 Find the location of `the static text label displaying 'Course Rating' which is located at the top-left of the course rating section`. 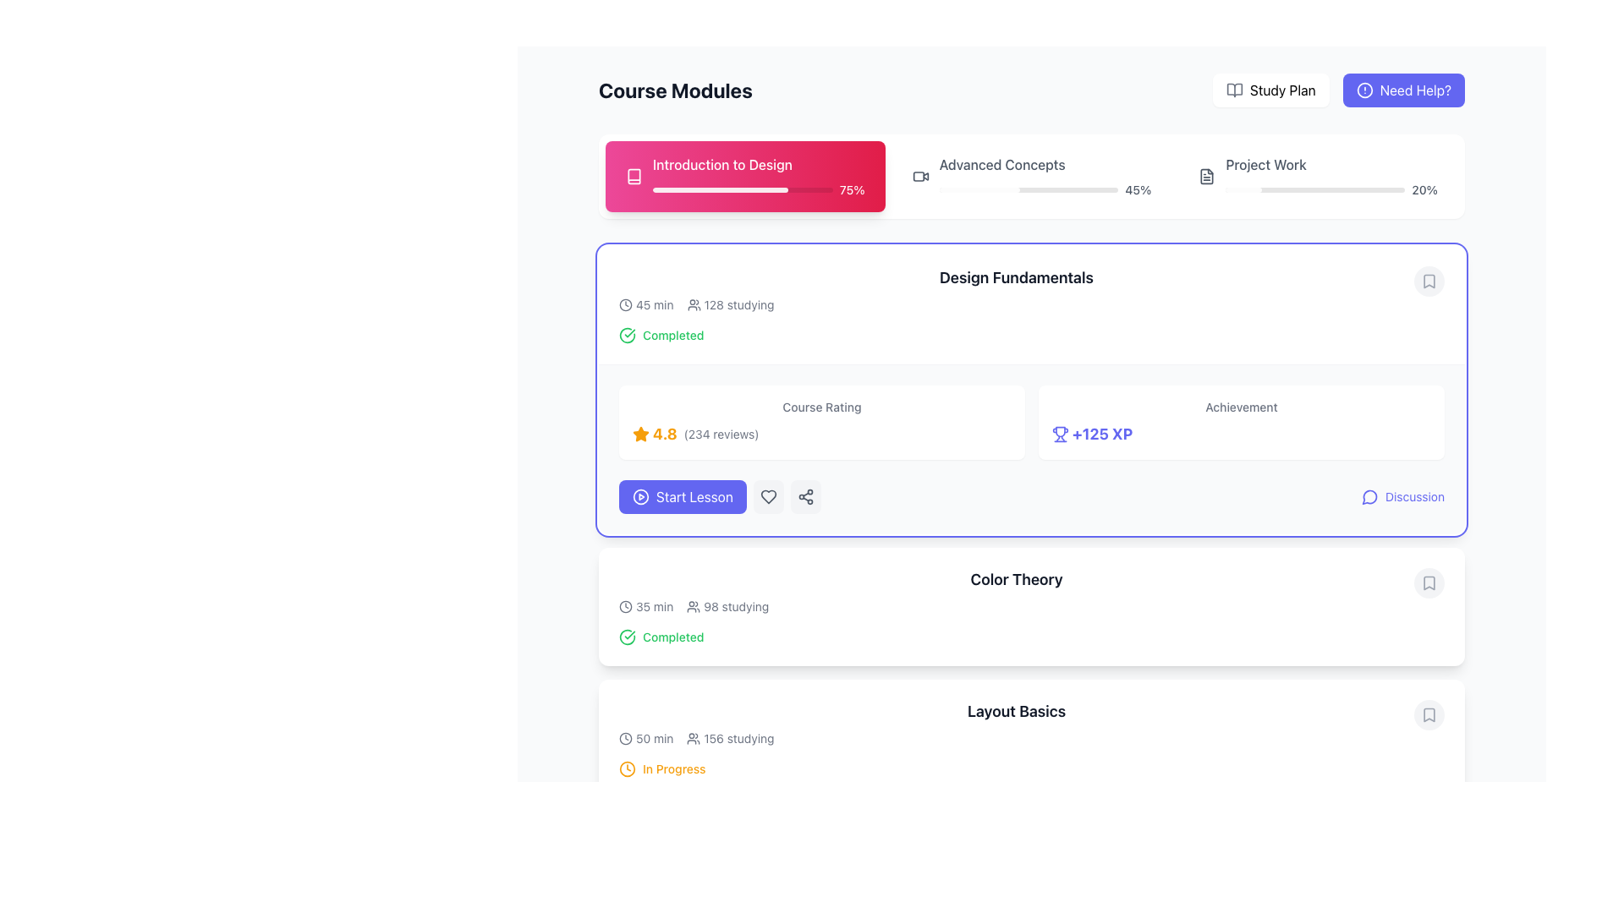

the static text label displaying 'Course Rating' which is located at the top-left of the course rating section is located at coordinates (821, 407).